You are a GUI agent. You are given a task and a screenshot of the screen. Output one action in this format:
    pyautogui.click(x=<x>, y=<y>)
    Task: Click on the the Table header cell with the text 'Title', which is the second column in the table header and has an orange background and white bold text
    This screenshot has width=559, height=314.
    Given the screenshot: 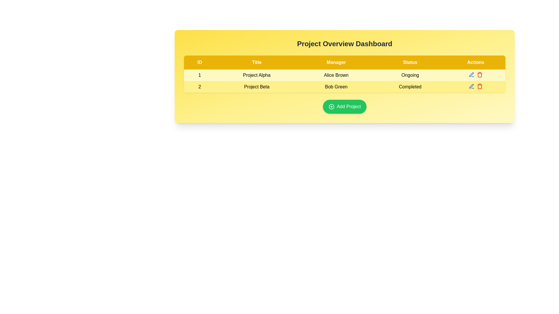 What is the action you would take?
    pyautogui.click(x=256, y=63)
    